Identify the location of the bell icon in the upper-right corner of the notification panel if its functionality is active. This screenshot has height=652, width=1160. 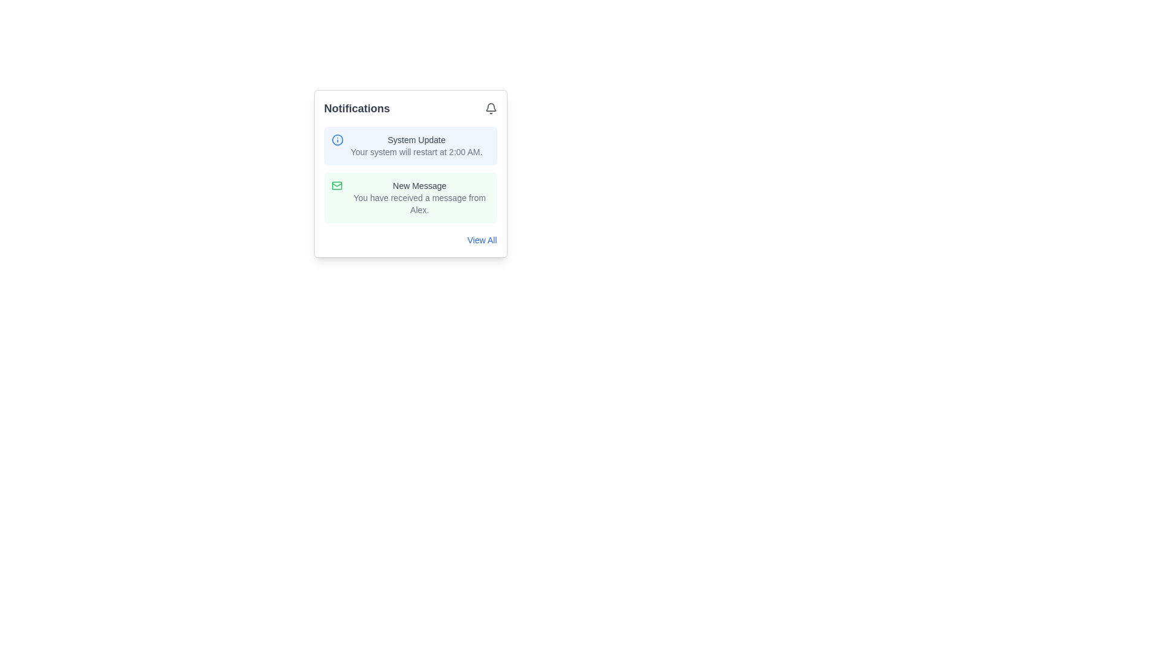
(490, 106).